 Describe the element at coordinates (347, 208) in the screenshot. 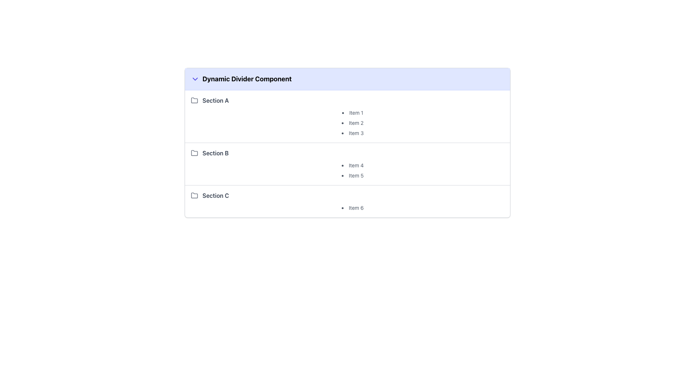

I see `the static text element displaying 'Item 6' in gray color, which is part of a bulleted list under the 'Section C' header` at that location.